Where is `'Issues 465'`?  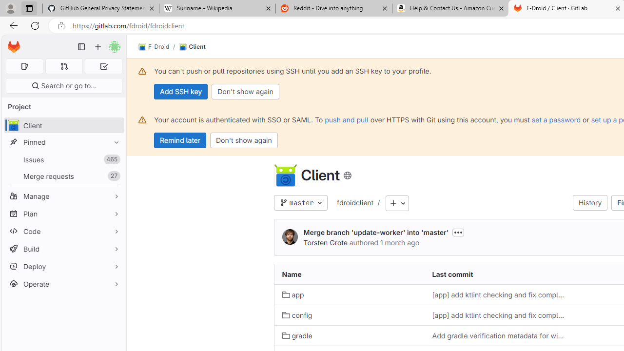 'Issues 465' is located at coordinates (63, 159).